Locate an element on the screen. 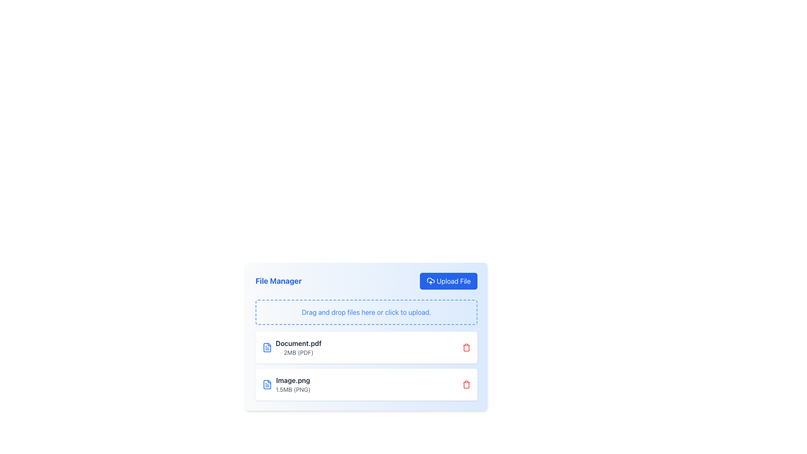 The height and width of the screenshot is (454, 807). the first file entry in the list, which represents a document file is located at coordinates (292, 347).